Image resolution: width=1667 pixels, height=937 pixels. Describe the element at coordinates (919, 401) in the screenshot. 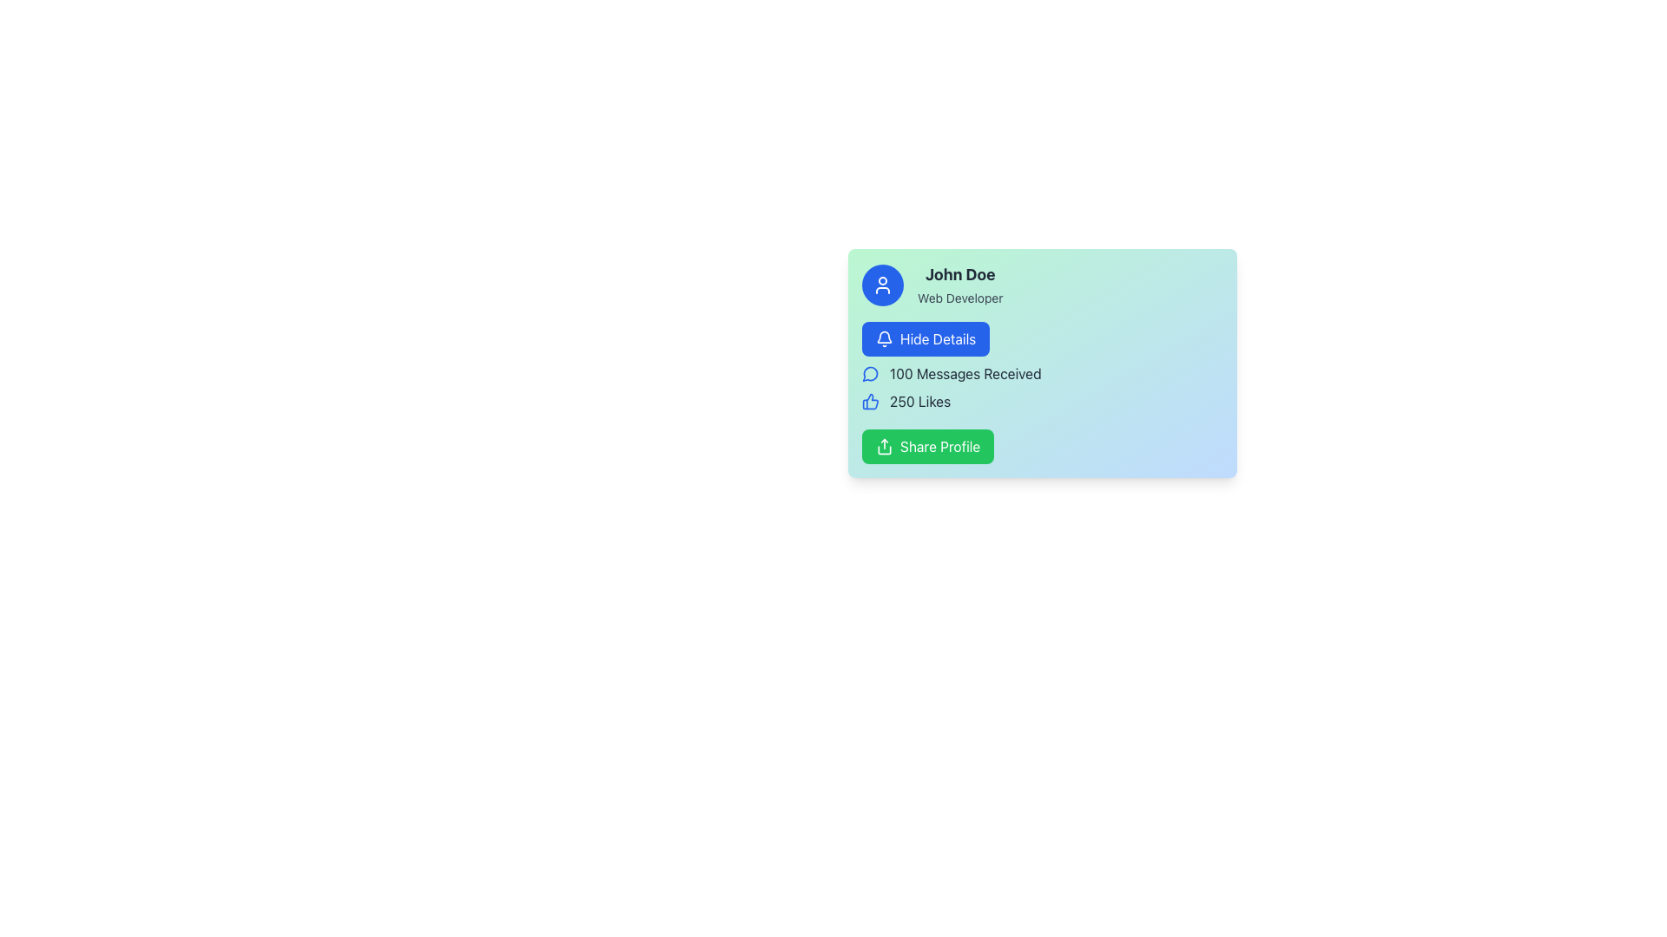

I see `the text display showing '250 Likes' in a bold font within the user information panel, located next to a thumbs-up icon` at that location.